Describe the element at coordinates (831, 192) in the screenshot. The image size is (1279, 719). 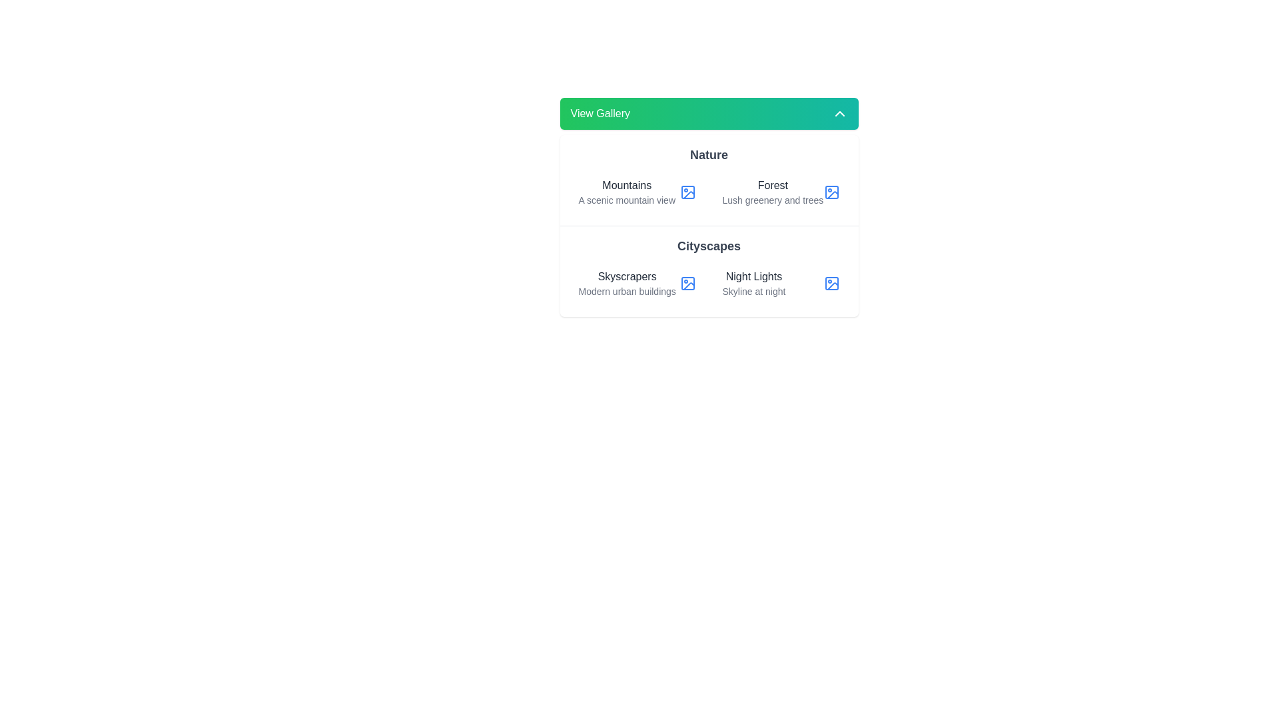
I see `the light blue rectangular icon with rounded corners located in the top-right slot of the grid under the 'Forest' category, next` at that location.